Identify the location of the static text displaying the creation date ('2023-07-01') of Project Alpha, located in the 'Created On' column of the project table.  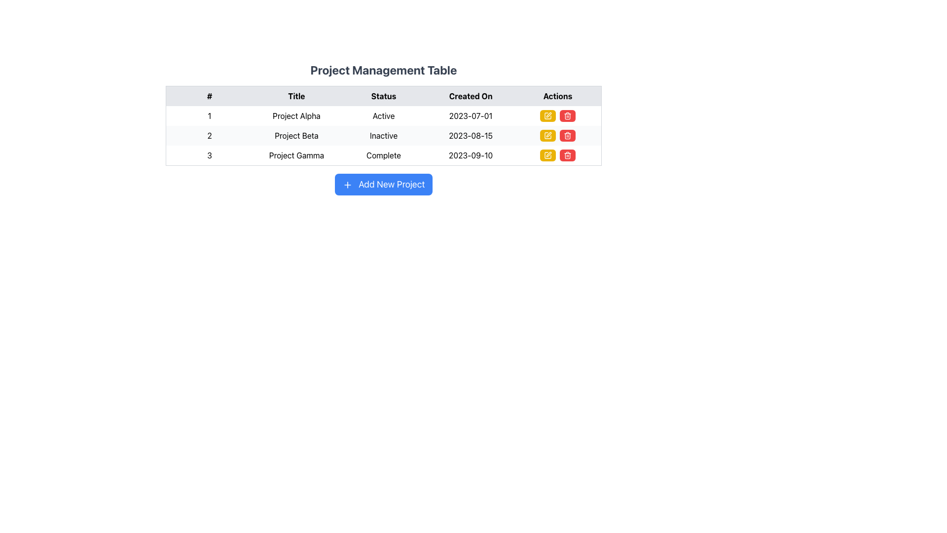
(470, 115).